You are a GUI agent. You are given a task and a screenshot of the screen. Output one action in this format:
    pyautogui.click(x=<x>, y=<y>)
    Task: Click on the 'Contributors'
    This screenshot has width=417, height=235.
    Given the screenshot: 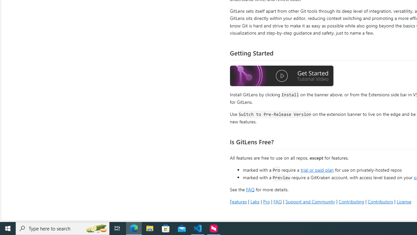 What is the action you would take?
    pyautogui.click(x=380, y=201)
    